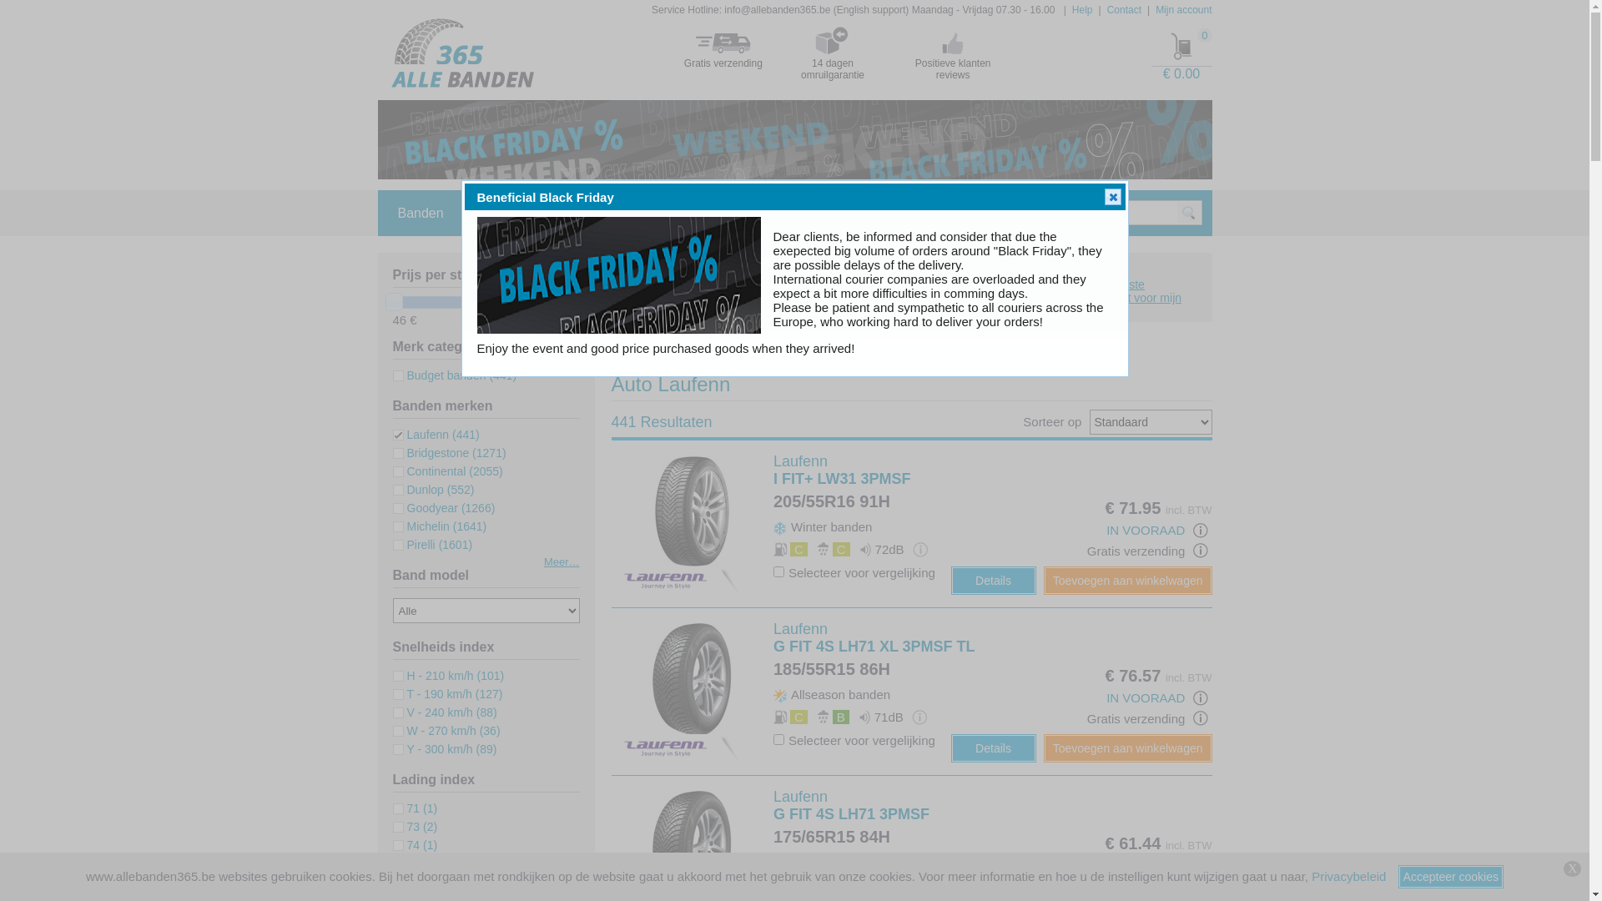 Image resolution: width=1602 pixels, height=901 pixels. I want to click on 'Contact', so click(1124, 9).